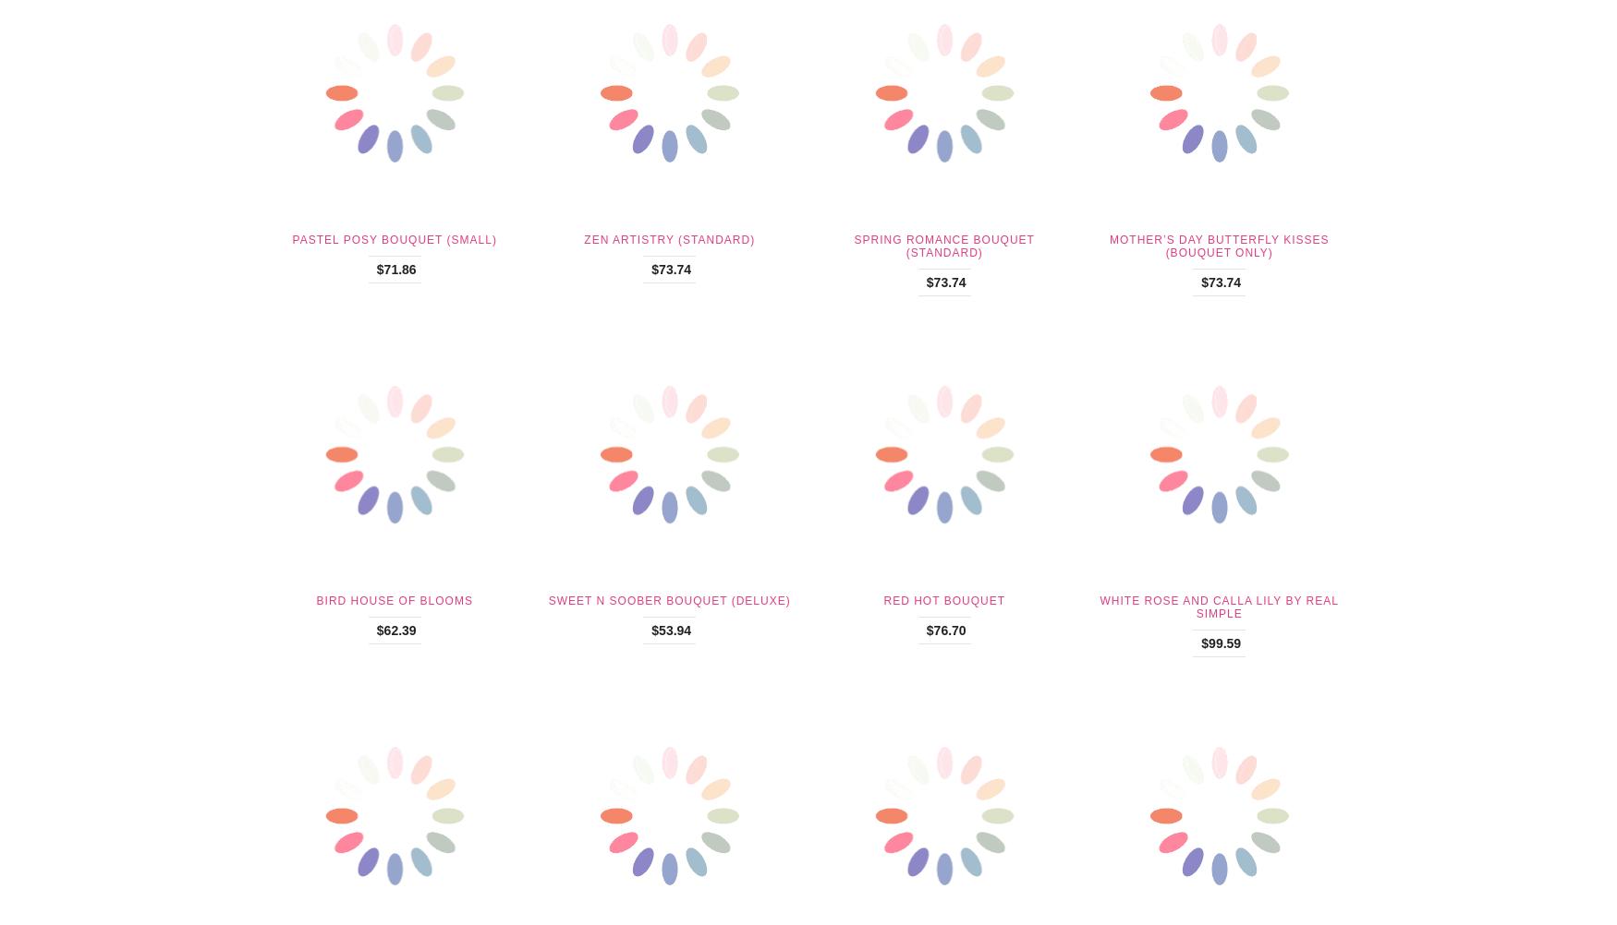 The width and height of the screenshot is (1617, 925). I want to click on 'Spring Romance Bouquet (Standard)', so click(942, 245).